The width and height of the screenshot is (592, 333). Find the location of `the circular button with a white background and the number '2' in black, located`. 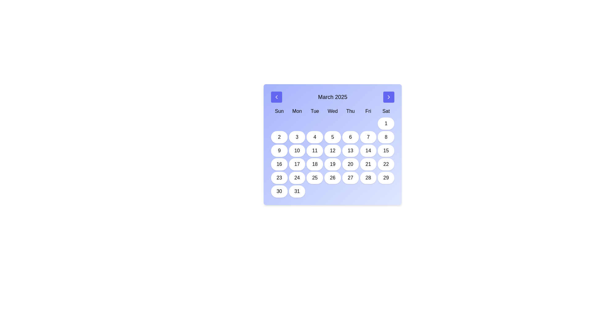

the circular button with a white background and the number '2' in black, located is located at coordinates (279, 137).